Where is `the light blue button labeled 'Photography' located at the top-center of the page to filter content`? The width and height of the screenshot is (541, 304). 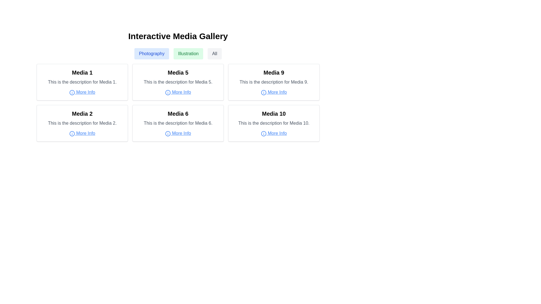
the light blue button labeled 'Photography' located at the top-center of the page to filter content is located at coordinates (152, 54).